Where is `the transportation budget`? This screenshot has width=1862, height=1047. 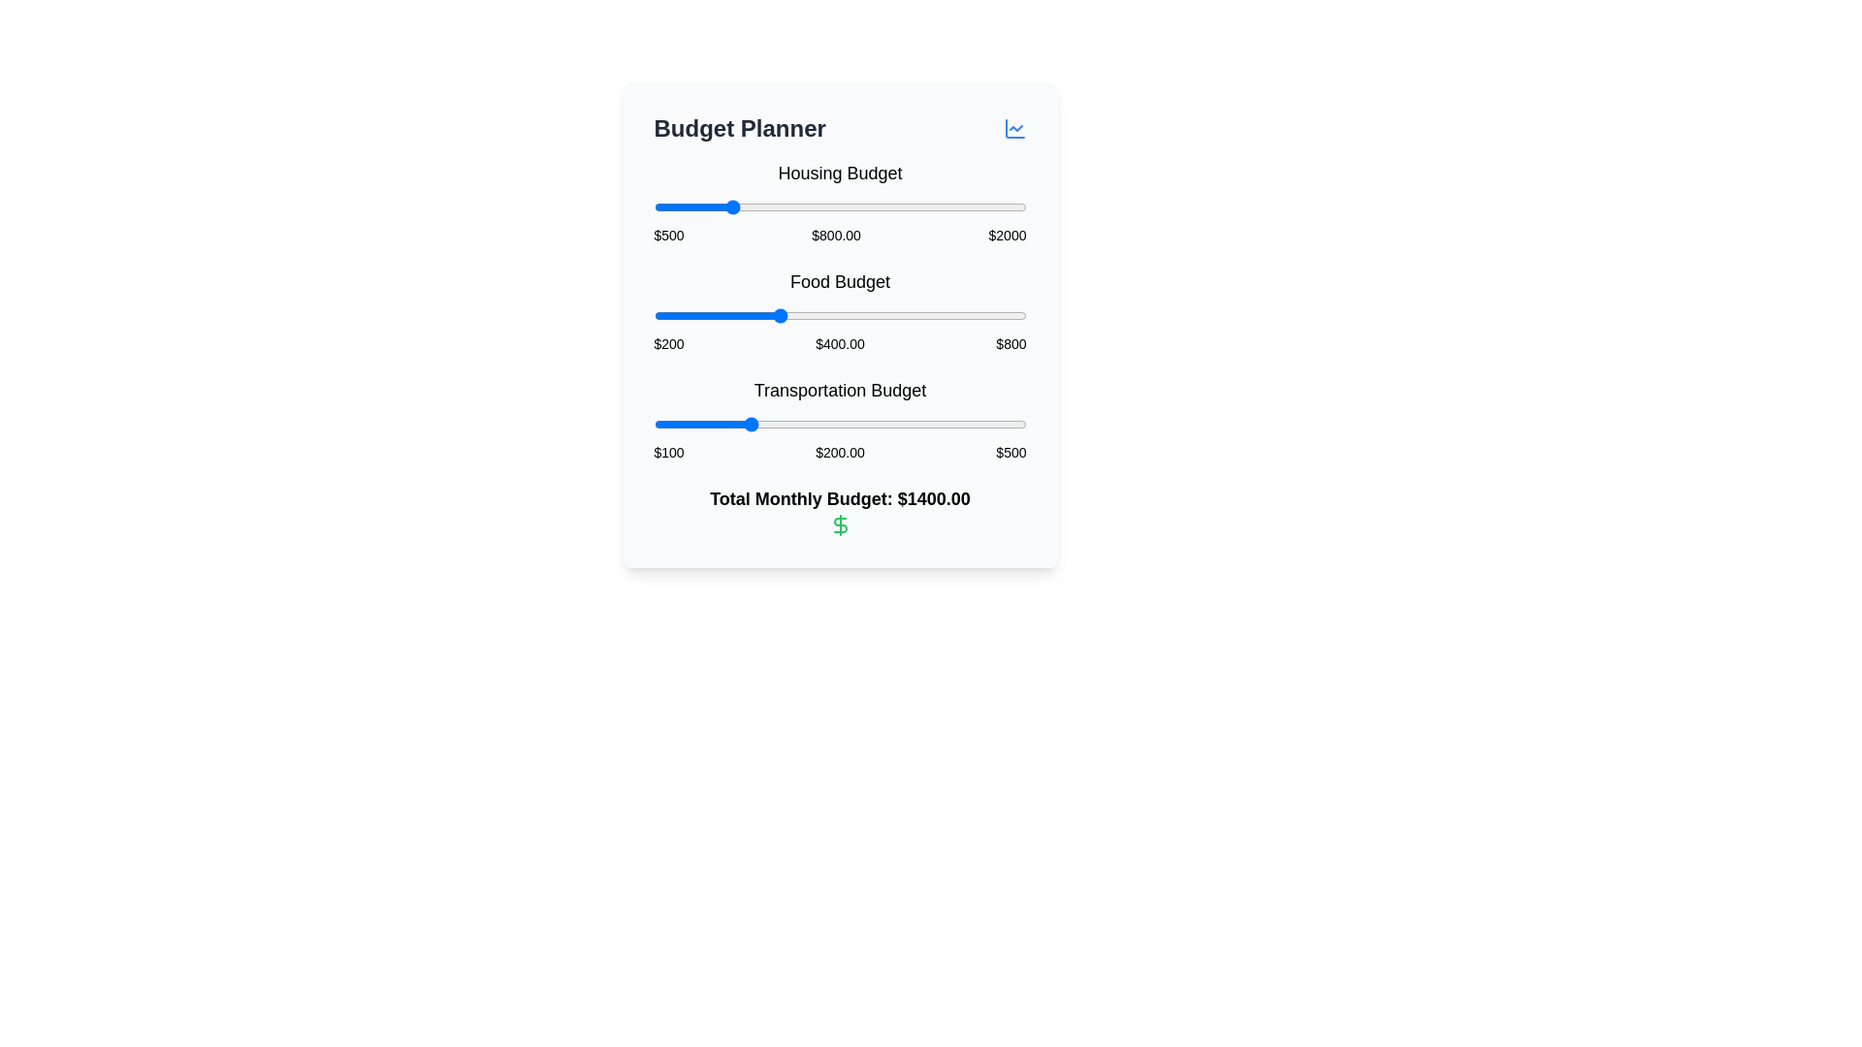 the transportation budget is located at coordinates (787, 424).